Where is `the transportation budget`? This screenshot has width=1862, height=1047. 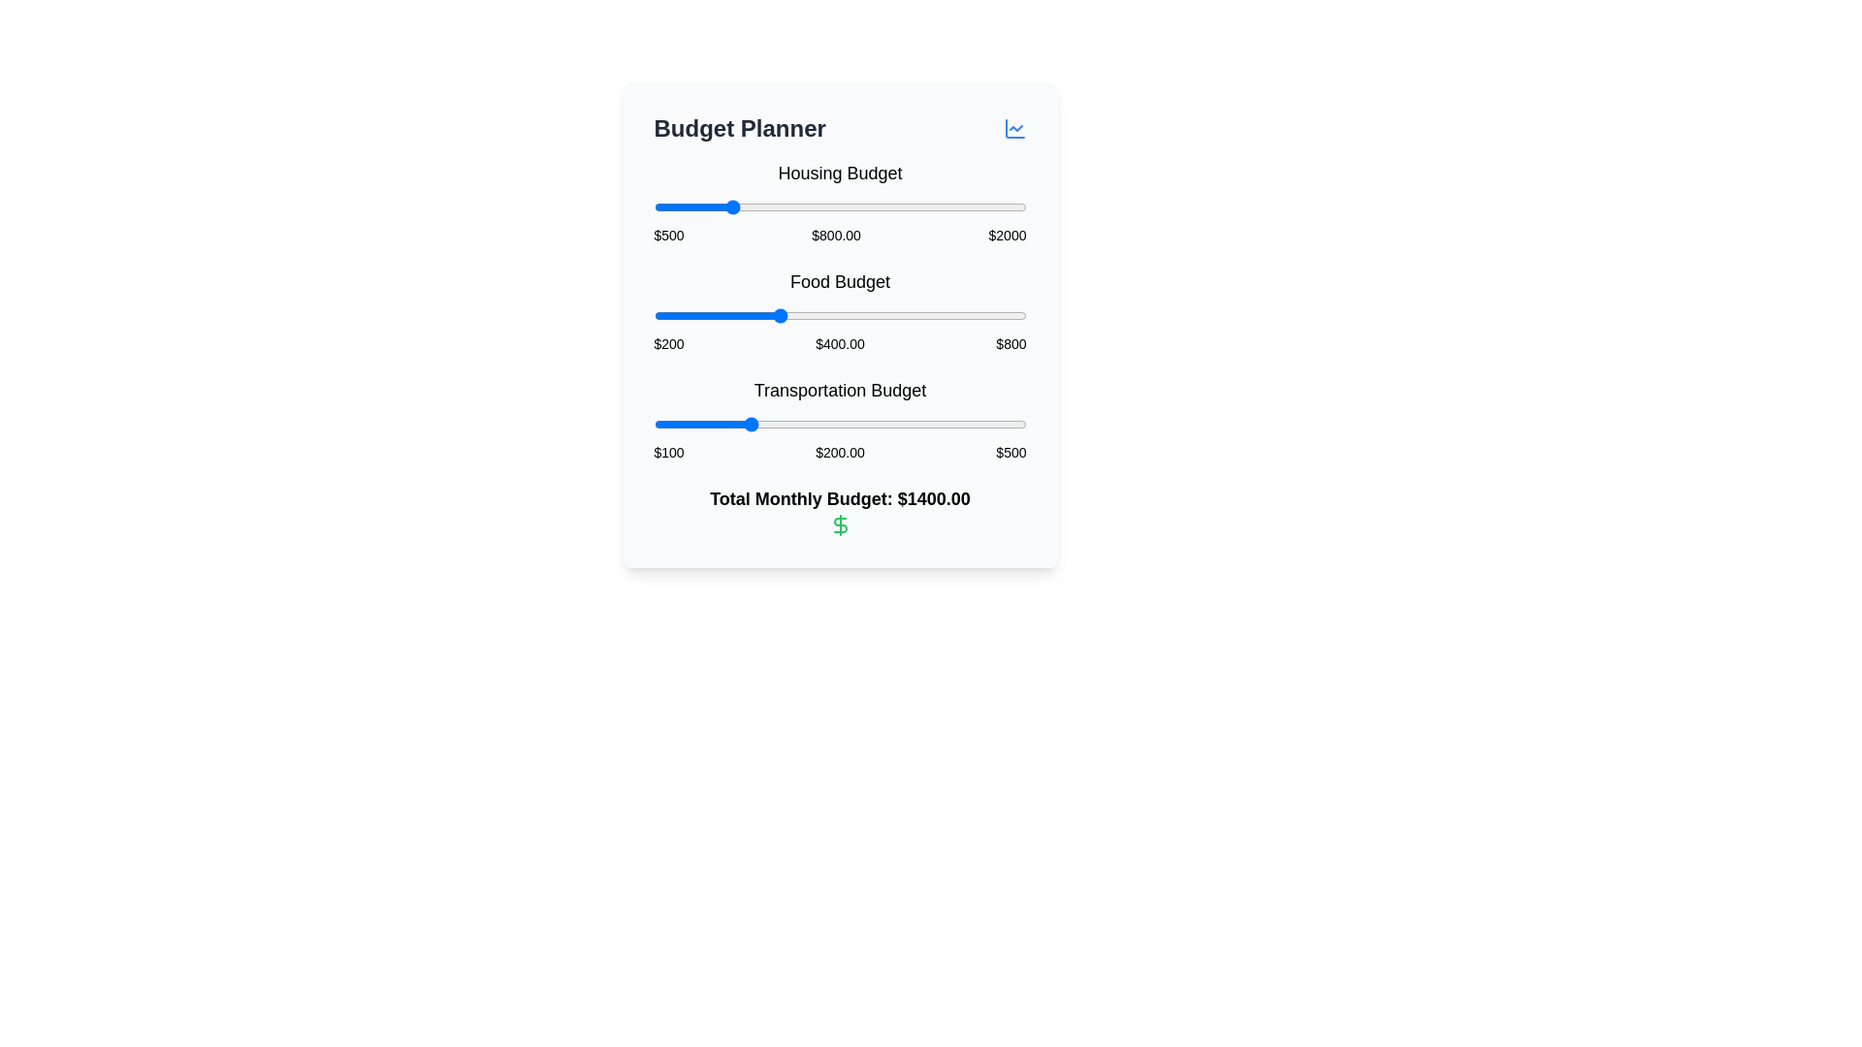 the transportation budget is located at coordinates (787, 424).